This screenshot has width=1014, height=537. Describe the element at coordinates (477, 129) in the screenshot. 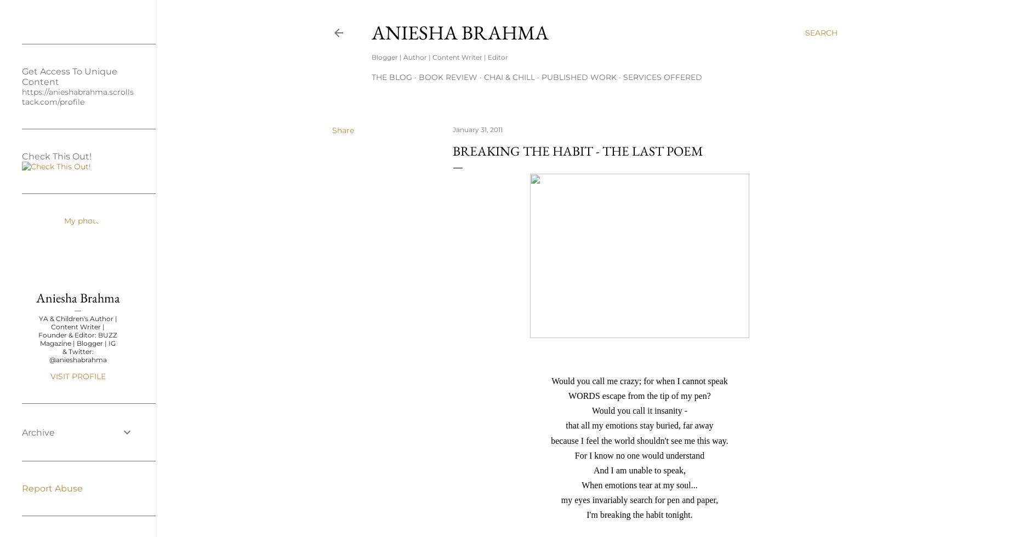

I see `'January 31, 2011'` at that location.